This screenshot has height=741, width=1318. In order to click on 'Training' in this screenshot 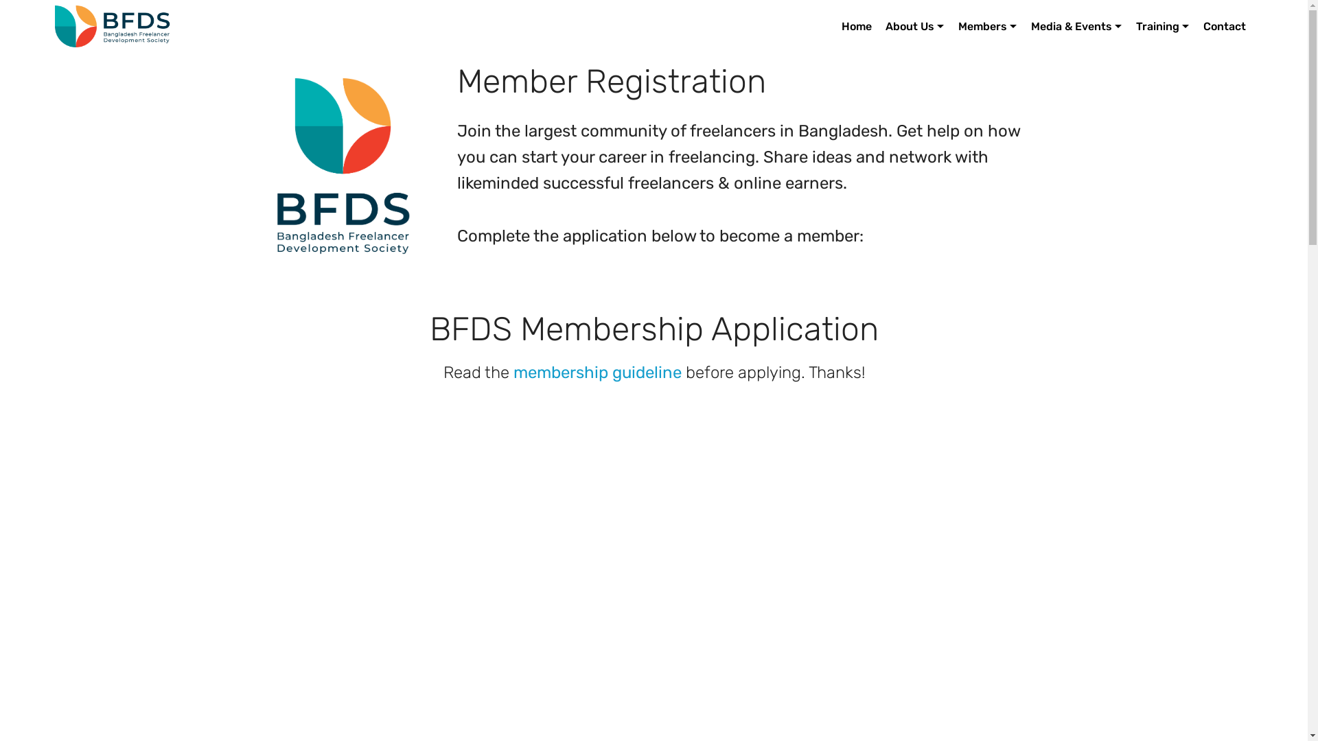, I will do `click(1161, 26)`.